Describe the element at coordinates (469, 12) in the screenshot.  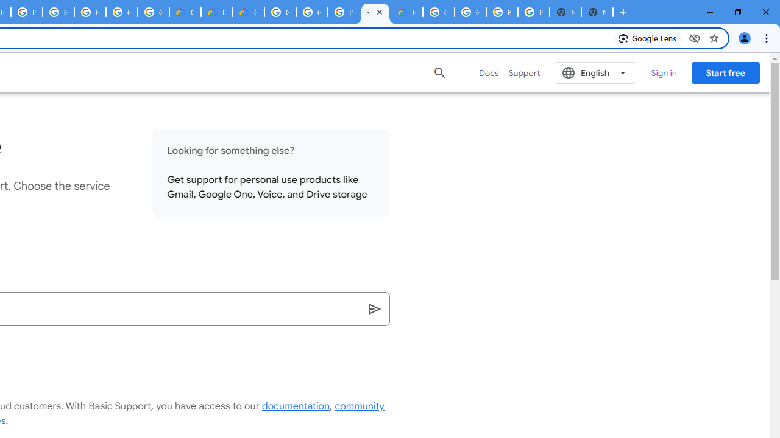
I see `'Google Cloud Platform'` at that location.